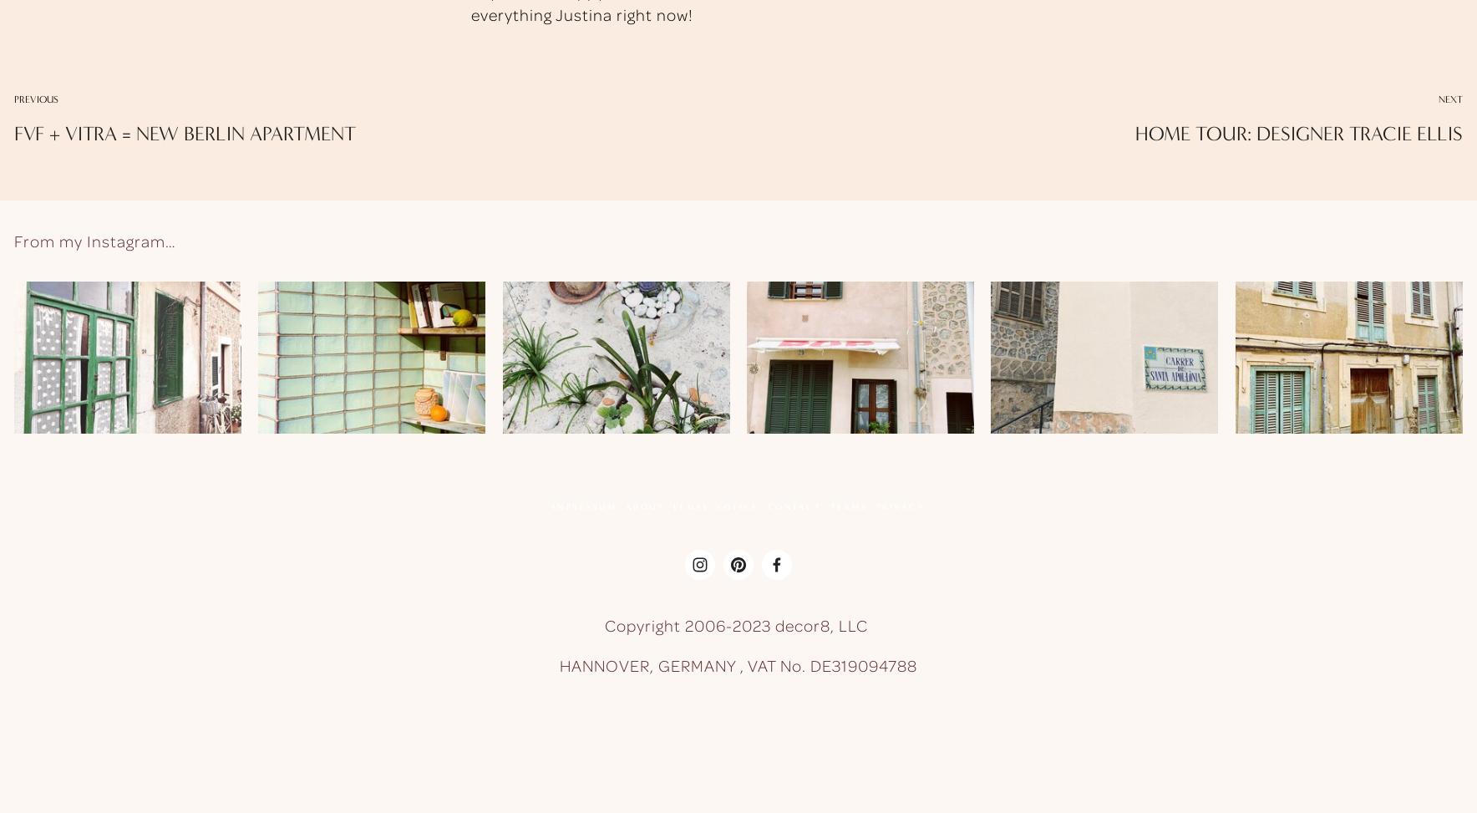 Image resolution: width=1477 pixels, height=813 pixels. Describe the element at coordinates (793, 506) in the screenshot. I see `'Contact'` at that location.